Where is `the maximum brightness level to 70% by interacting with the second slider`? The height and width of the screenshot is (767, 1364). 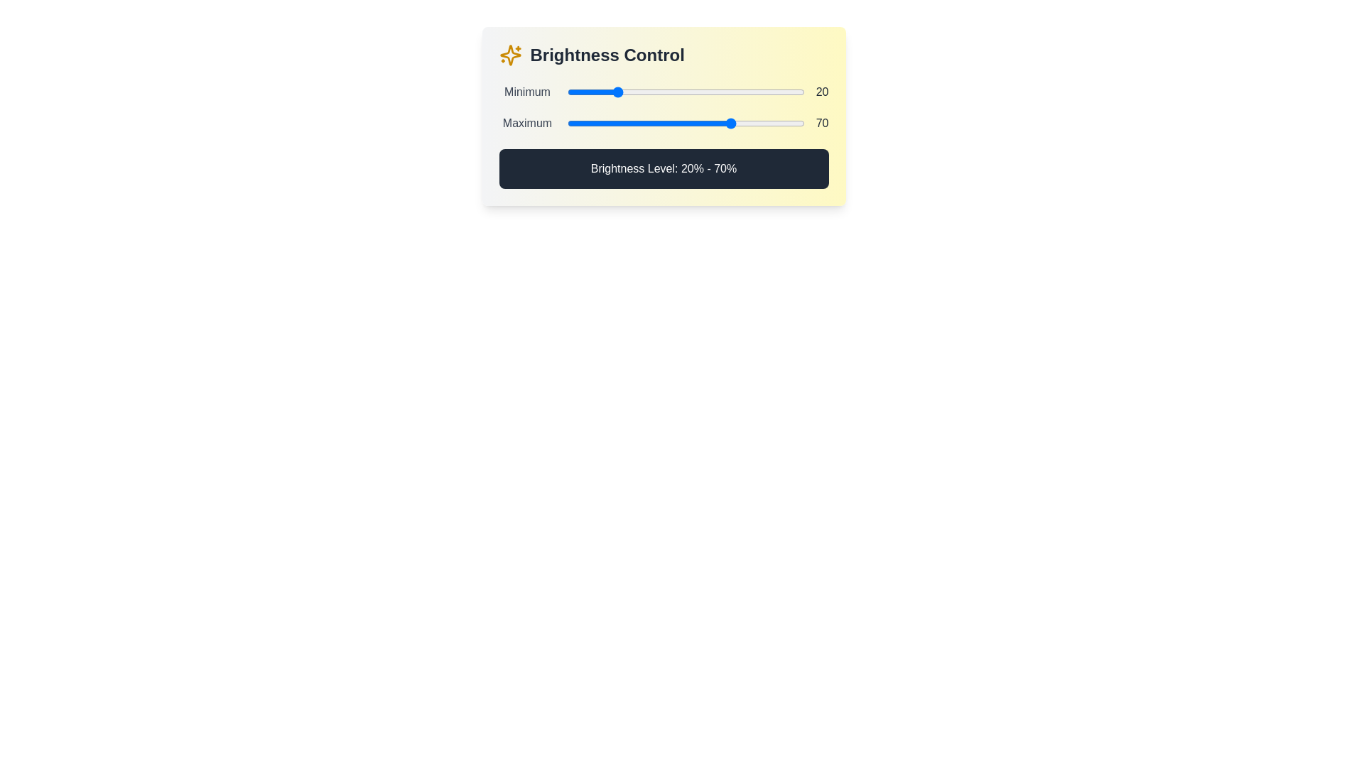 the maximum brightness level to 70% by interacting with the second slider is located at coordinates (733, 122).